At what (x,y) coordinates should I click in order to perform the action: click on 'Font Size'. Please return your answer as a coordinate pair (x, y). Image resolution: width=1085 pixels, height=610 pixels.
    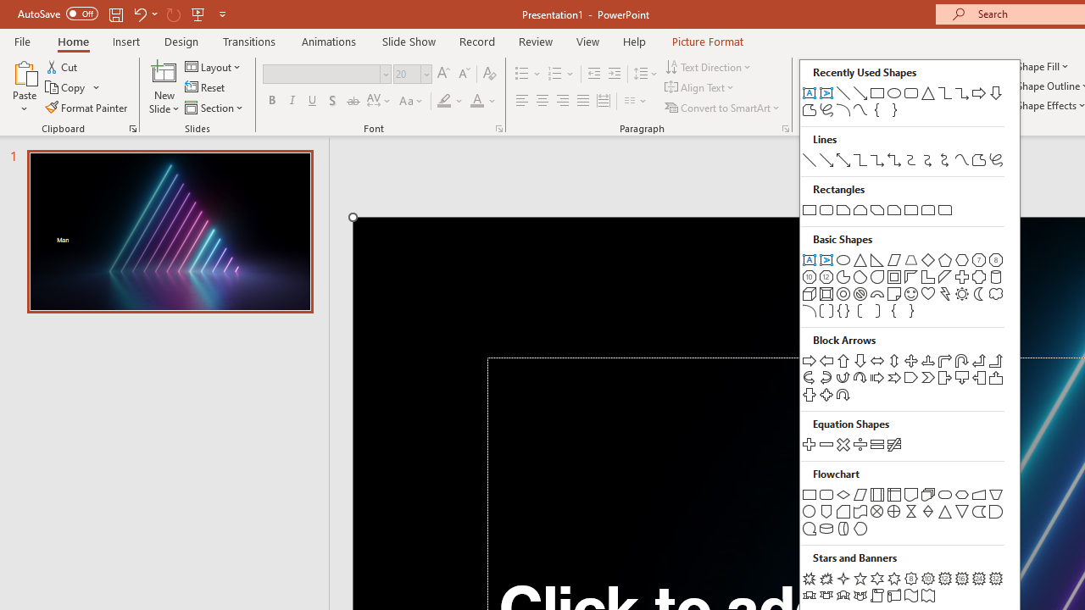
    Looking at the image, I should click on (412, 73).